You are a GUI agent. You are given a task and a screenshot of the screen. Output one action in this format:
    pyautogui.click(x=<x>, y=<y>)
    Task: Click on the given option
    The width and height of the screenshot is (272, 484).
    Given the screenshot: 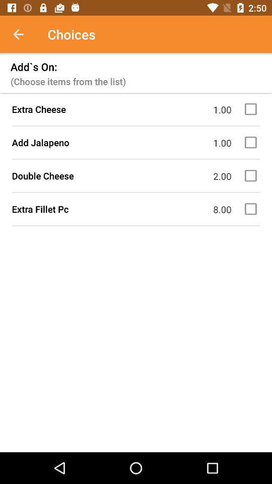 What is the action you would take?
    pyautogui.click(x=252, y=142)
    